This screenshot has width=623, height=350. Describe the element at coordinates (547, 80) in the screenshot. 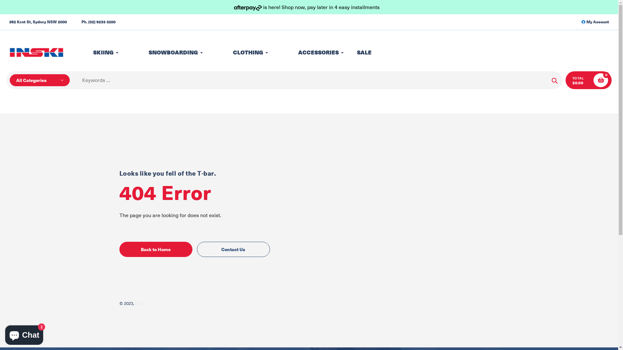

I see `'Search'` at that location.